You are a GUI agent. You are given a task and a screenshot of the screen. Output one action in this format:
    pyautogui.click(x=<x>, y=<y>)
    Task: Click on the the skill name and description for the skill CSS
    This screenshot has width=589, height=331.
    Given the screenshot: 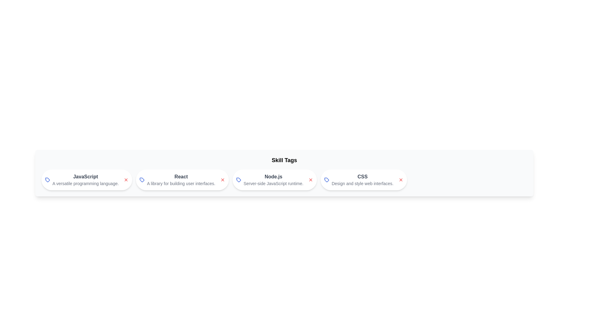 What is the action you would take?
    pyautogui.click(x=362, y=177)
    